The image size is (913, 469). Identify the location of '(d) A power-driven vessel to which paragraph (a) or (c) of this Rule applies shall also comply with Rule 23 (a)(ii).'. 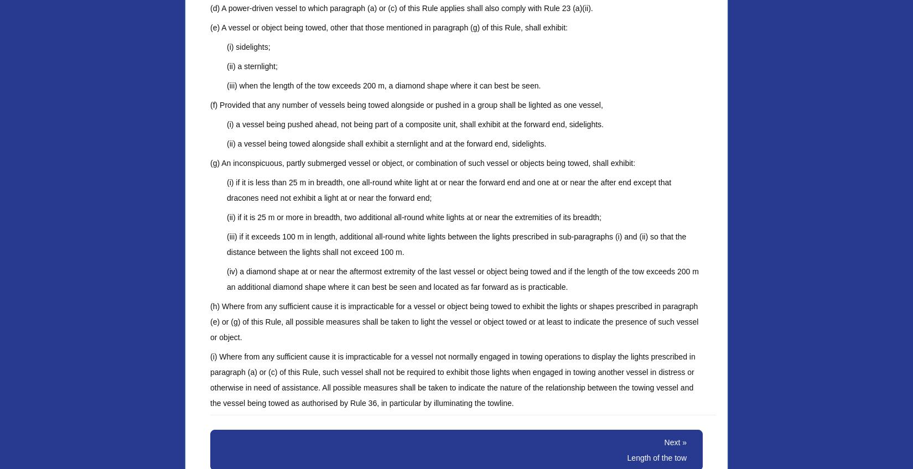
(401, 8).